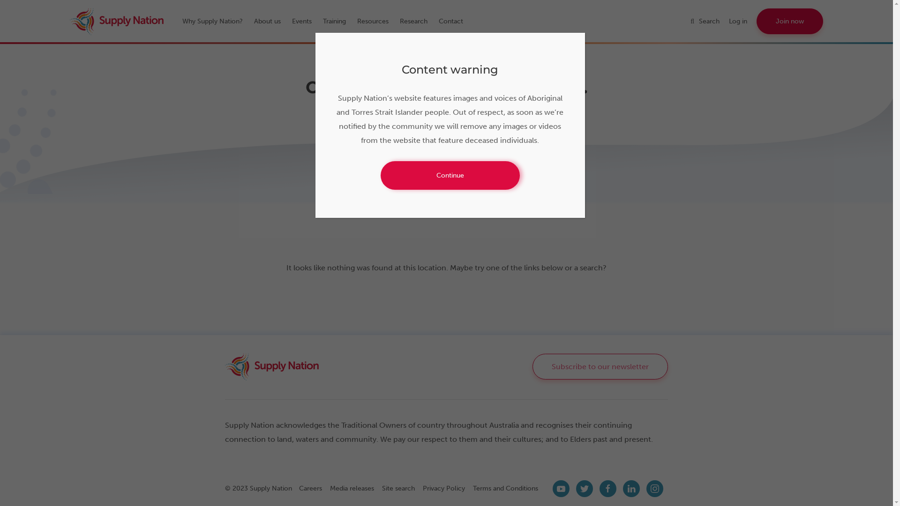 The image size is (900, 506). What do you see at coordinates (357, 21) in the screenshot?
I see `'Resources'` at bounding box center [357, 21].